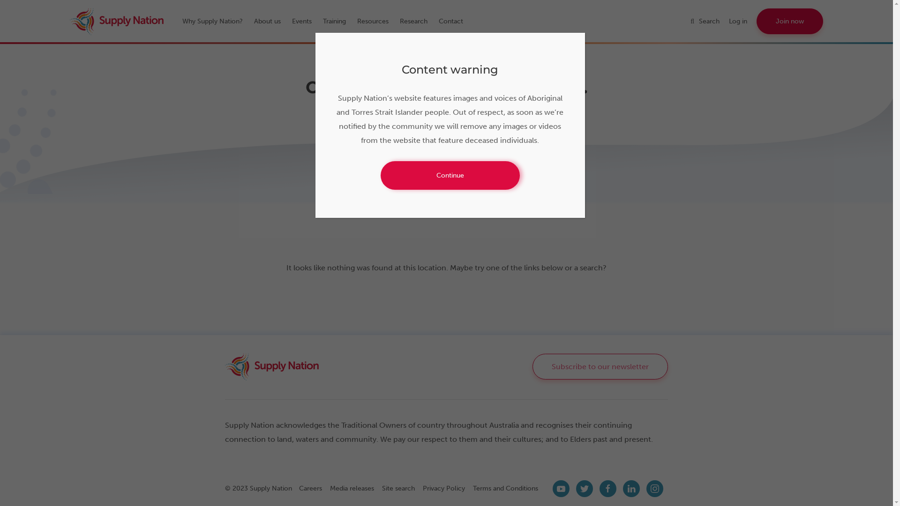 The image size is (900, 506). What do you see at coordinates (357, 21) in the screenshot?
I see `'Resources'` at bounding box center [357, 21].